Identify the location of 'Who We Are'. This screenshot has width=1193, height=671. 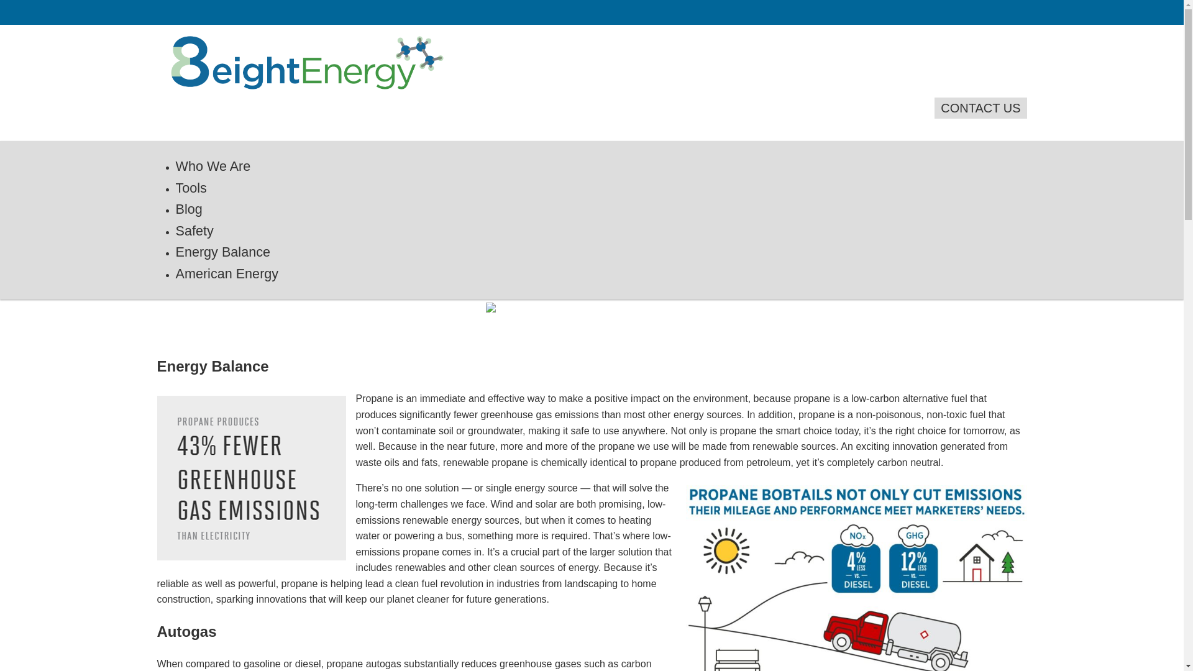
(175, 165).